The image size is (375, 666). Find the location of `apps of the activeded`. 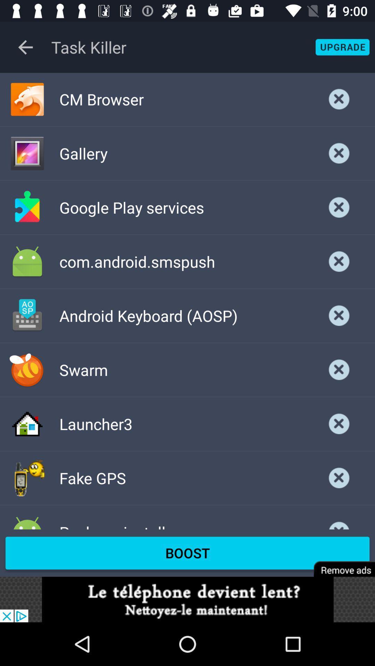

apps of the activeded is located at coordinates (342, 47).